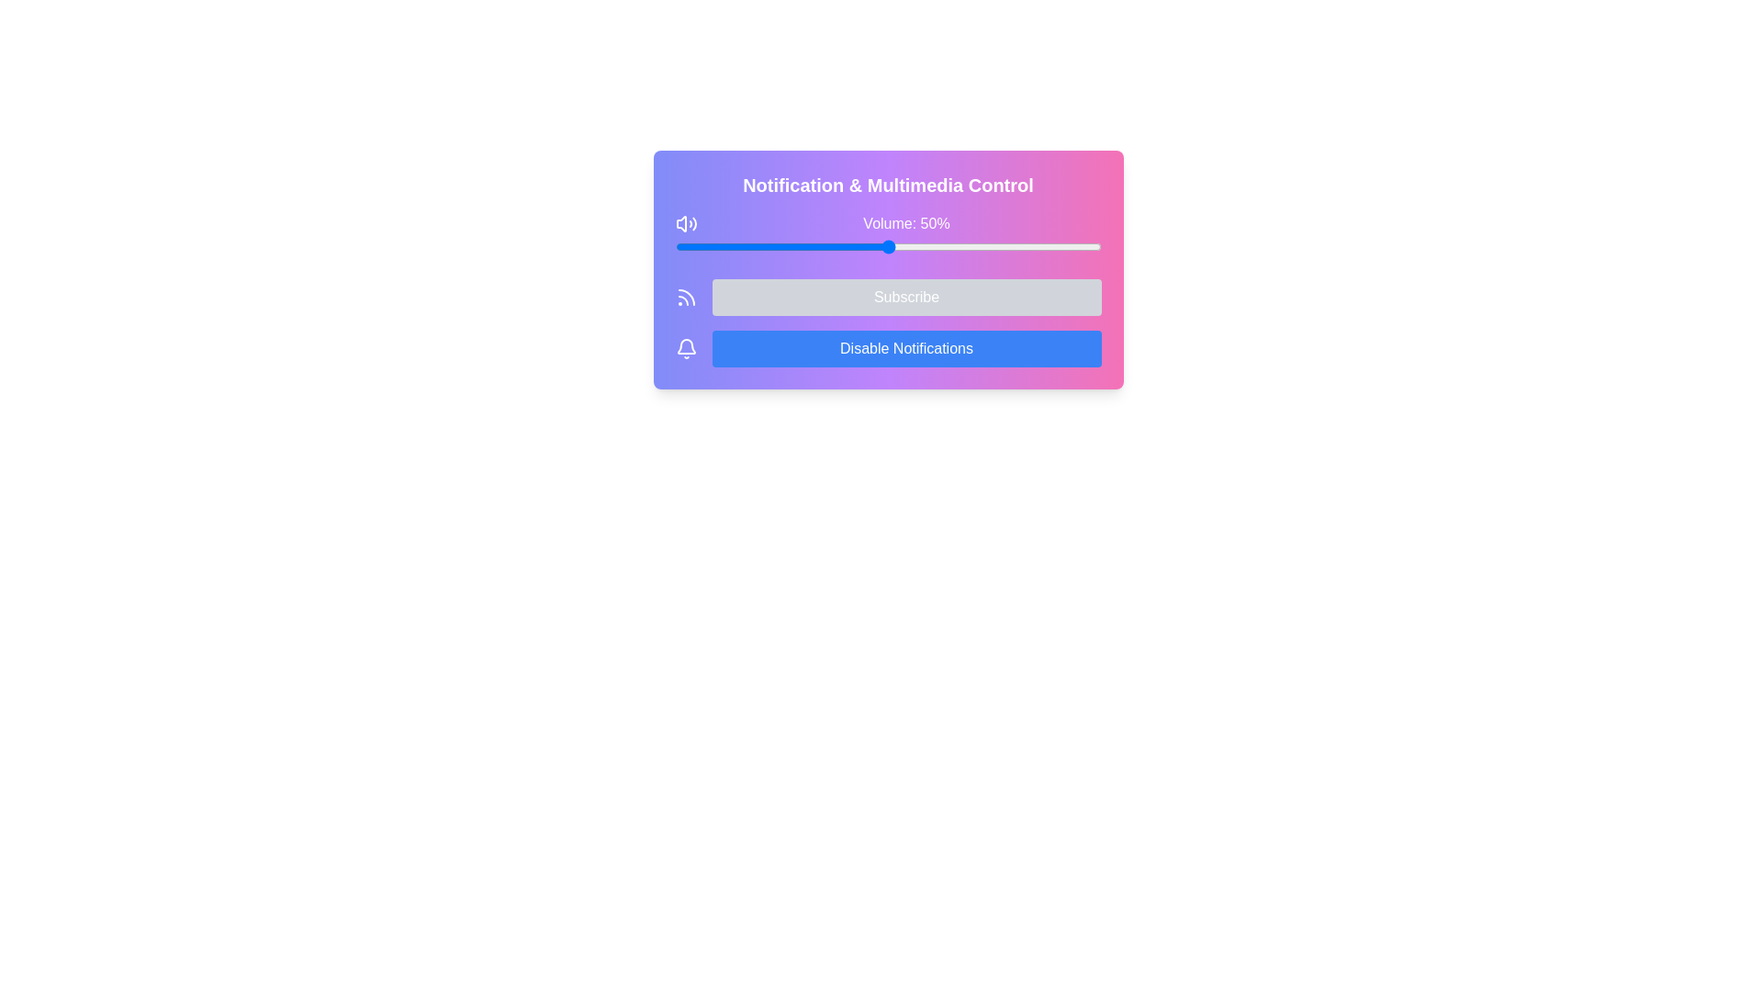  What do you see at coordinates (906, 349) in the screenshot?
I see `keyboard navigation` at bounding box center [906, 349].